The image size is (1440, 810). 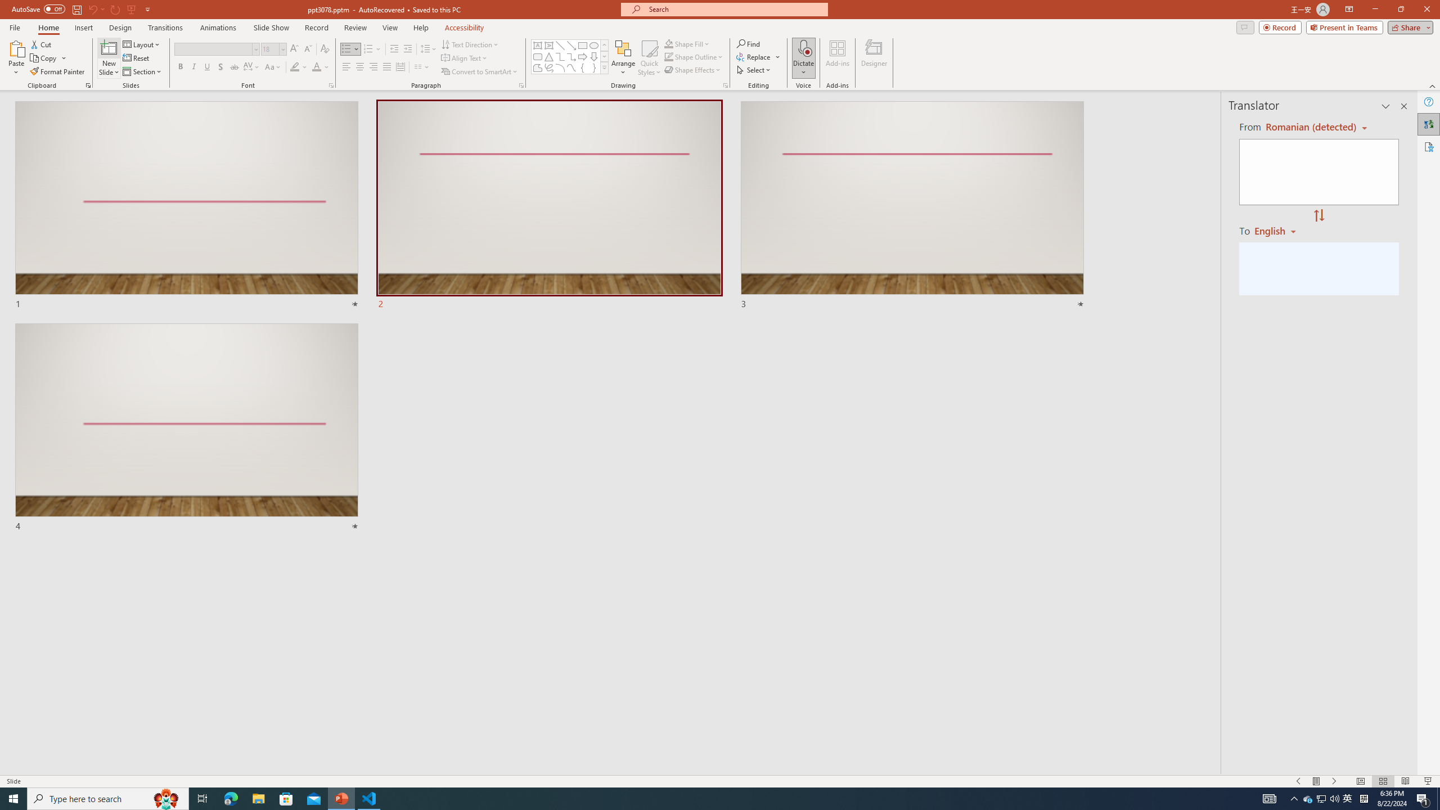 What do you see at coordinates (316, 66) in the screenshot?
I see `'Font Color Red'` at bounding box center [316, 66].